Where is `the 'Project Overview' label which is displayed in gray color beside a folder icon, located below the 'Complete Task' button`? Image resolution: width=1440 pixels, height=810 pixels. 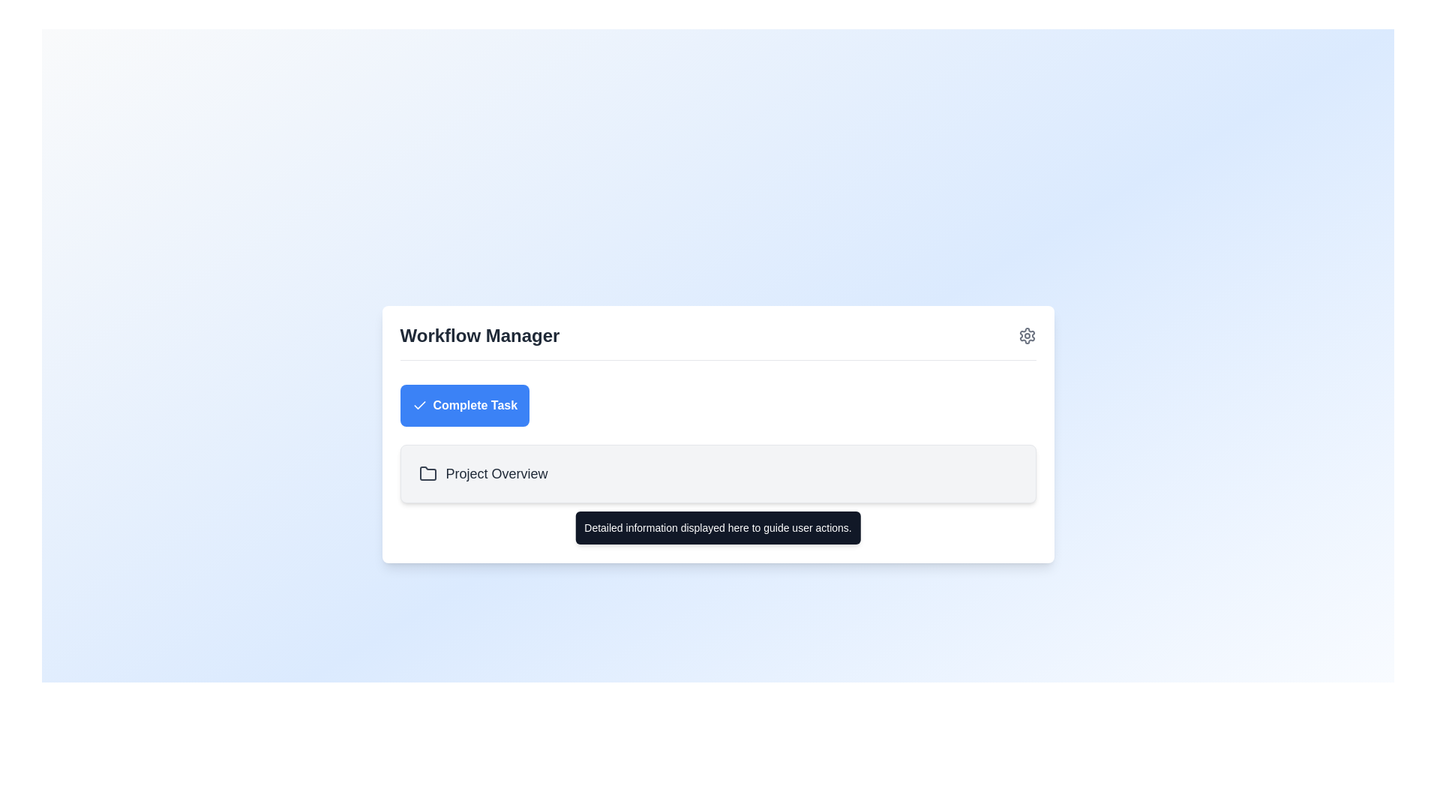
the 'Project Overview' label which is displayed in gray color beside a folder icon, located below the 'Complete Task' button is located at coordinates (496, 473).